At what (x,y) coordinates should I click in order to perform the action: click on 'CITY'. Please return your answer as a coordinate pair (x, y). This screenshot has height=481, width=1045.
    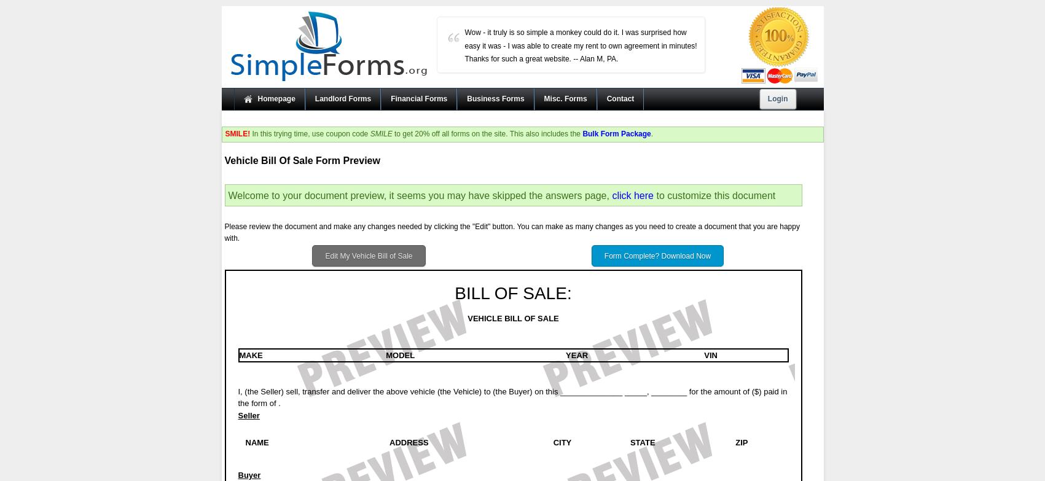
    Looking at the image, I should click on (561, 441).